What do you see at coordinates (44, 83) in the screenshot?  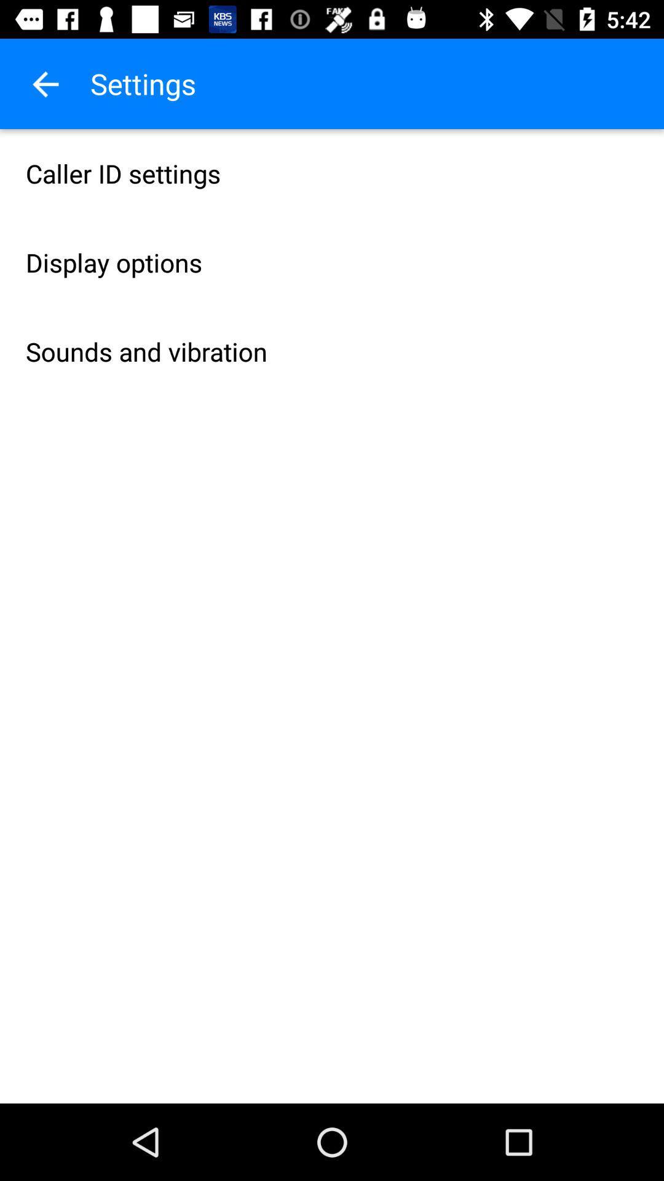 I see `item to the left of settings icon` at bounding box center [44, 83].